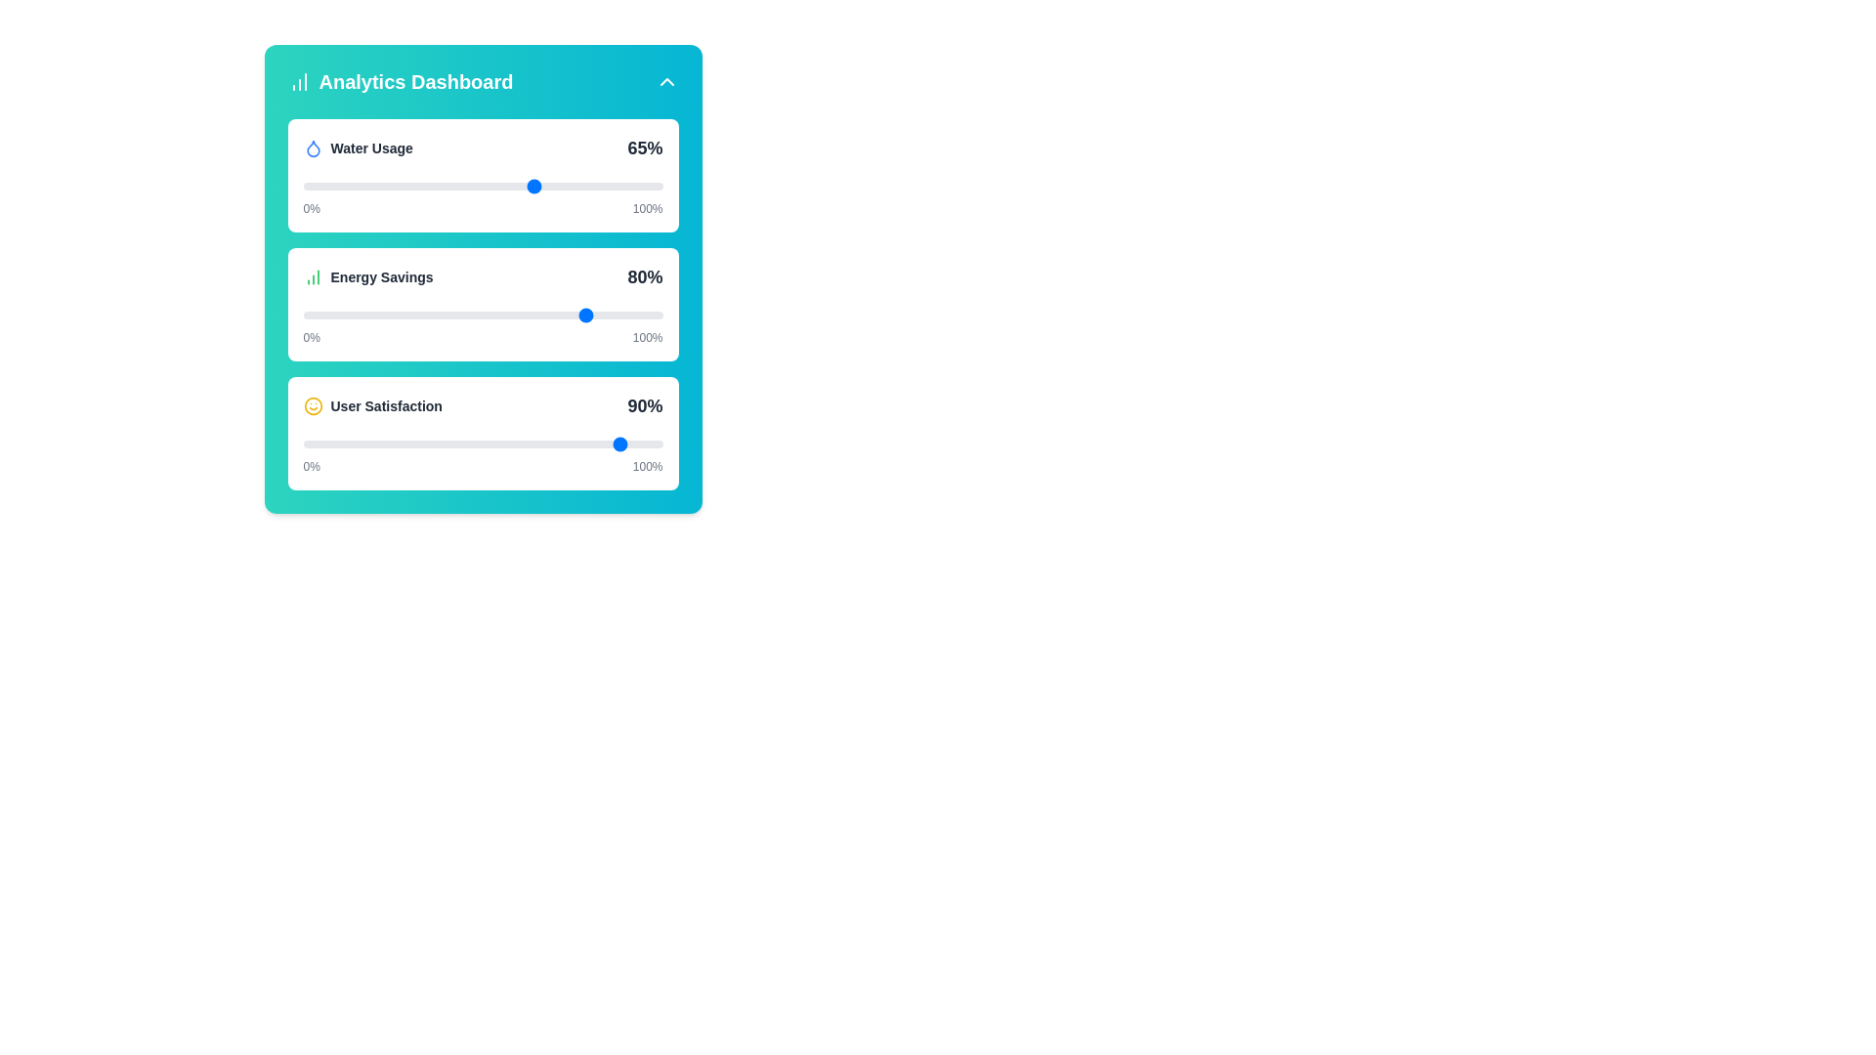 Image resolution: width=1876 pixels, height=1055 pixels. I want to click on the static text label indicating the maximum value of the progress bar in the 'Water Usage' section of the 'Analytics Dashboard', located to the right of the '0%' label, so click(648, 208).